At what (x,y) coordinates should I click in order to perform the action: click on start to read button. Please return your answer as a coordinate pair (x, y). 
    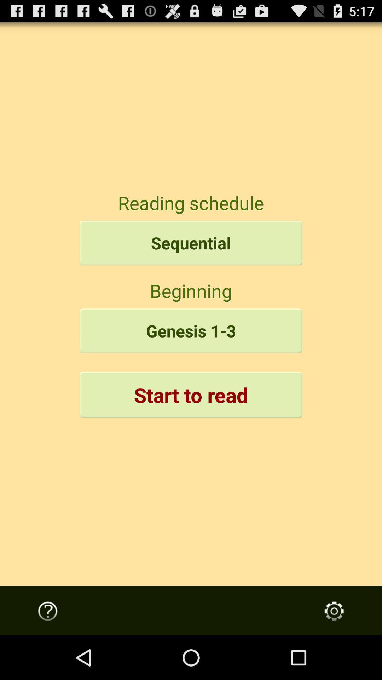
    Looking at the image, I should click on (191, 394).